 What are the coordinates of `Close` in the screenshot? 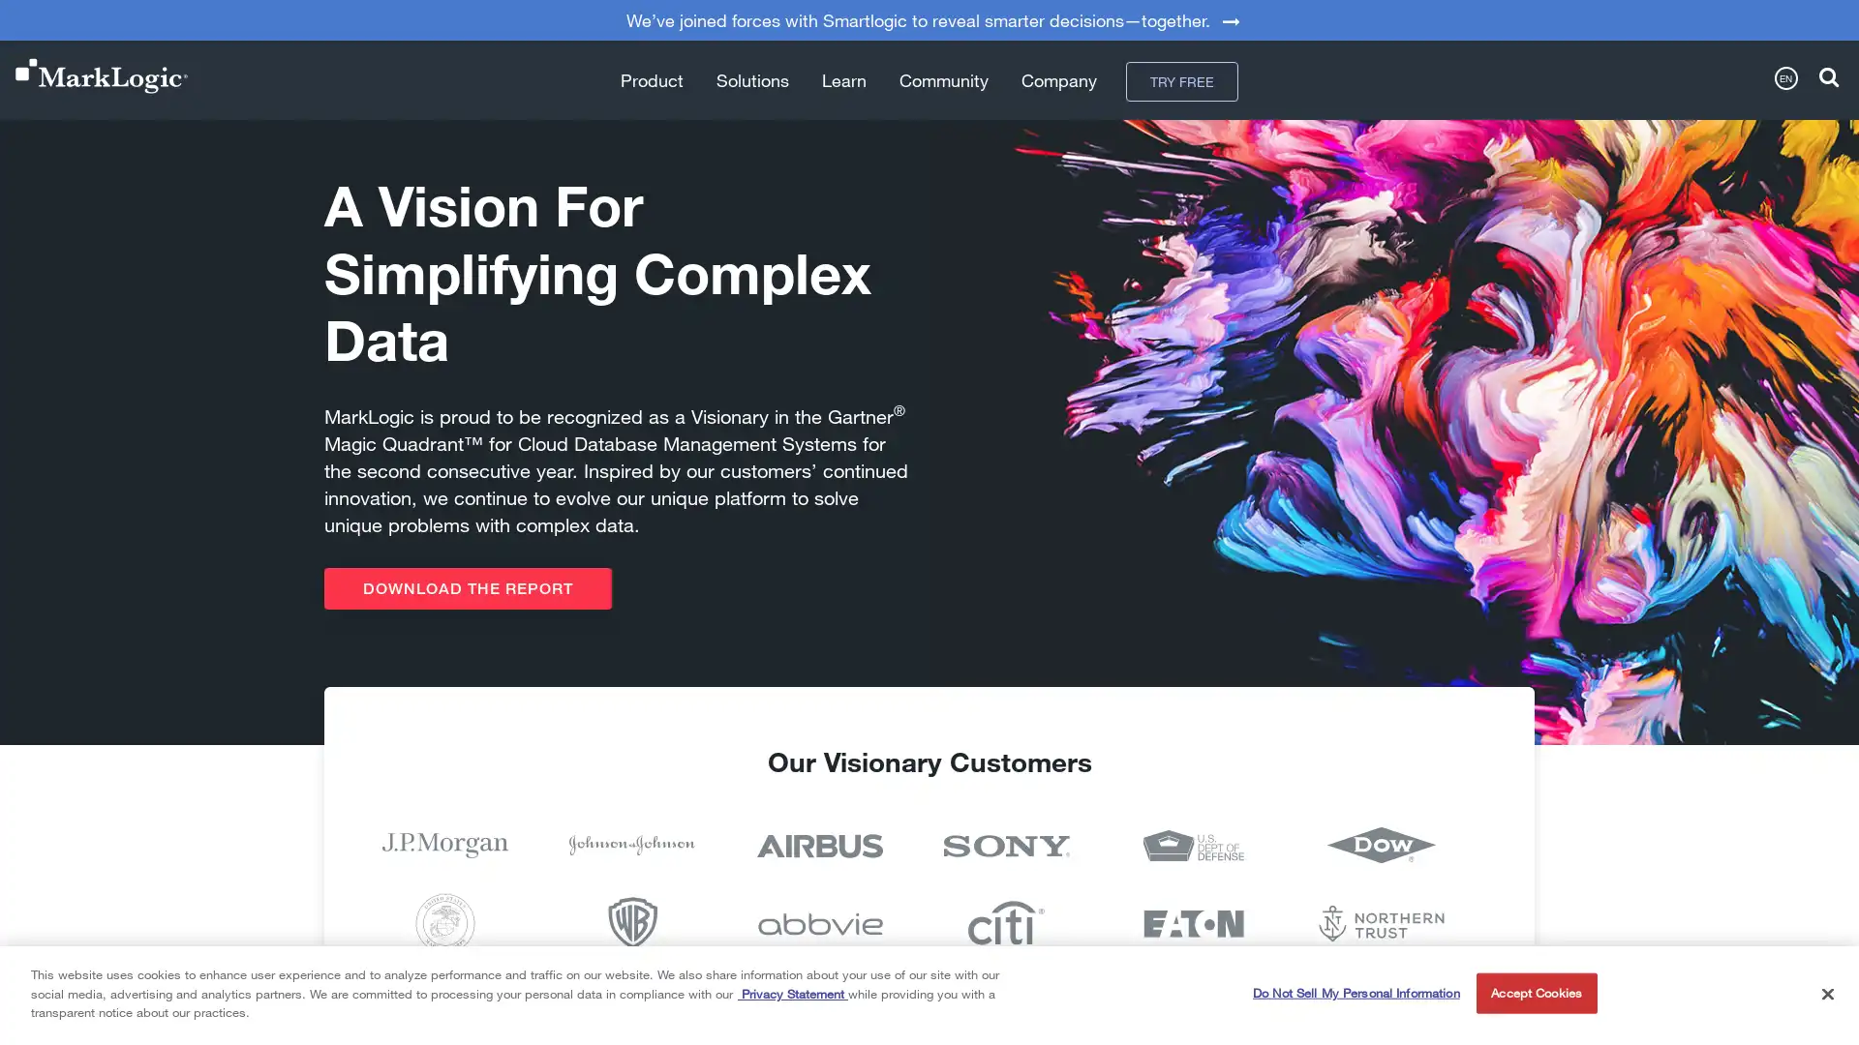 It's located at (1826, 993).